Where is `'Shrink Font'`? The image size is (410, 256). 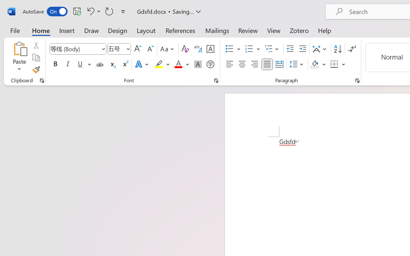
'Shrink Font' is located at coordinates (150, 49).